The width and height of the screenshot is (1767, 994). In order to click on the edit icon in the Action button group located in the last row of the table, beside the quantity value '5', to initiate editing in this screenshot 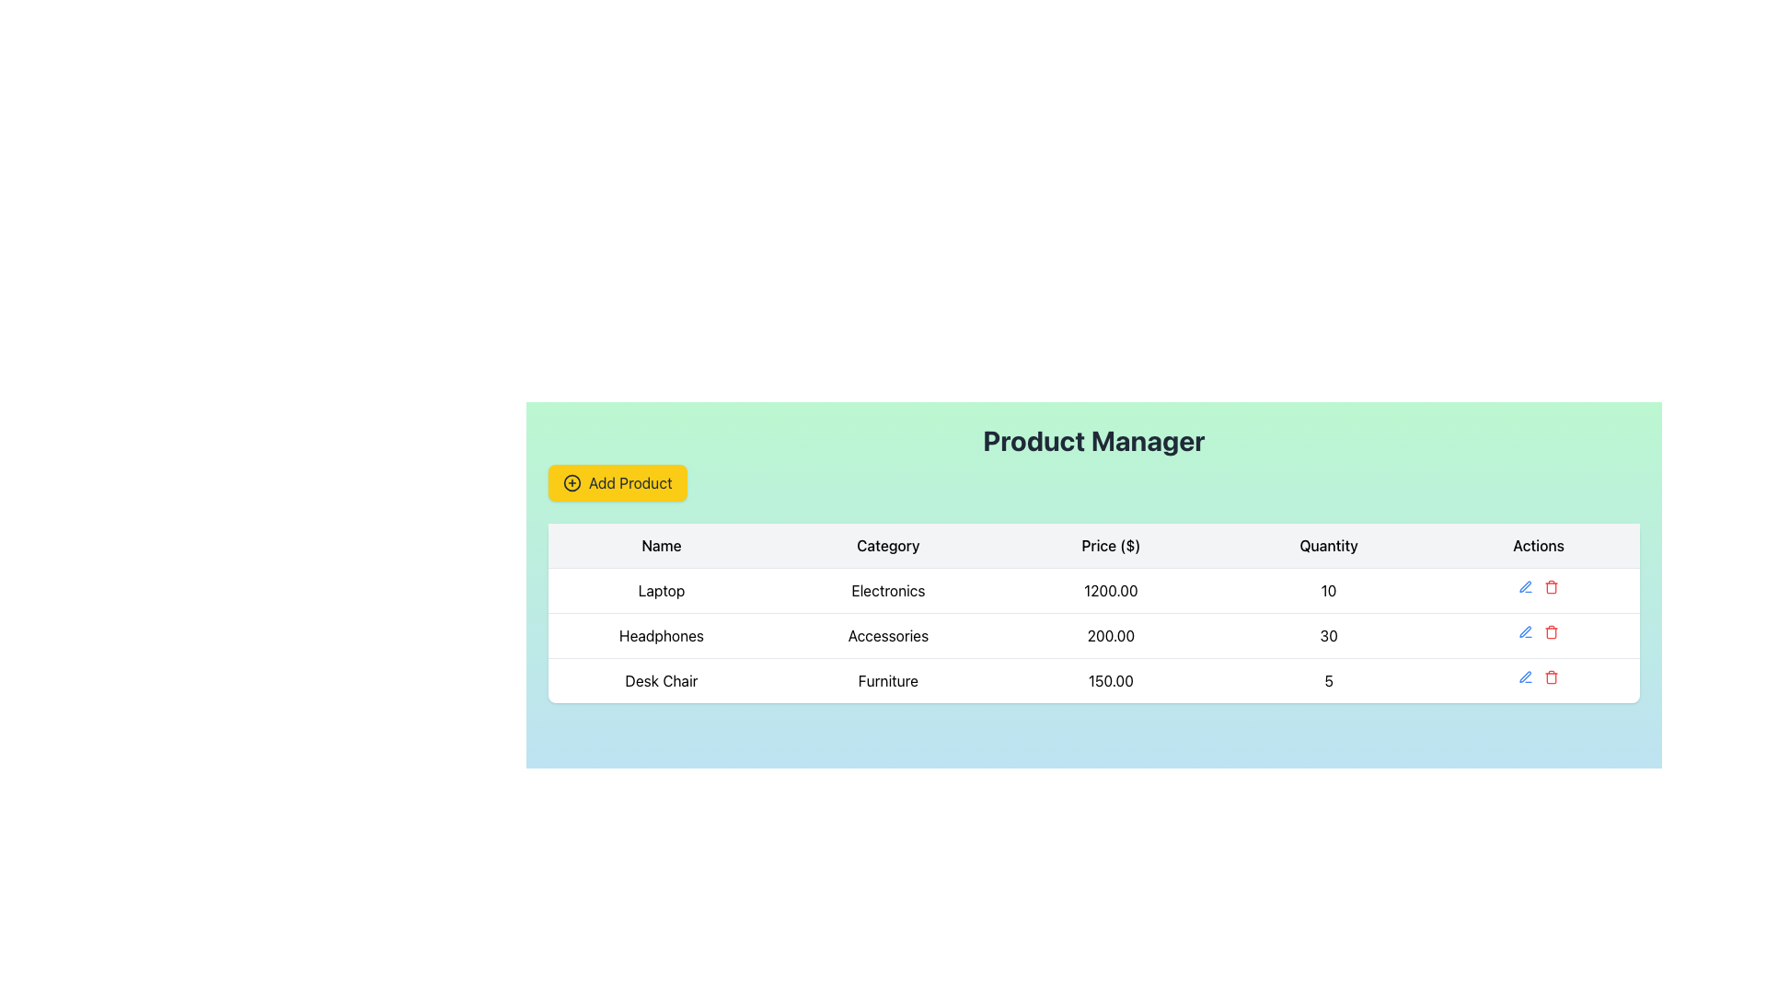, I will do `click(1538, 677)`.